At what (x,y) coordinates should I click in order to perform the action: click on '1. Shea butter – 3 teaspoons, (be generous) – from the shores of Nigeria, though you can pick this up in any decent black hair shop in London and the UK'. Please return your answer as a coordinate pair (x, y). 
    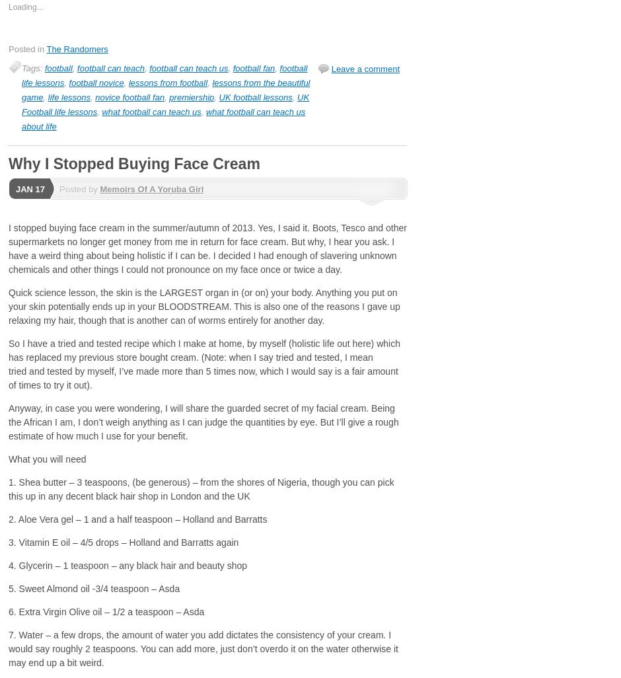
    Looking at the image, I should click on (200, 489).